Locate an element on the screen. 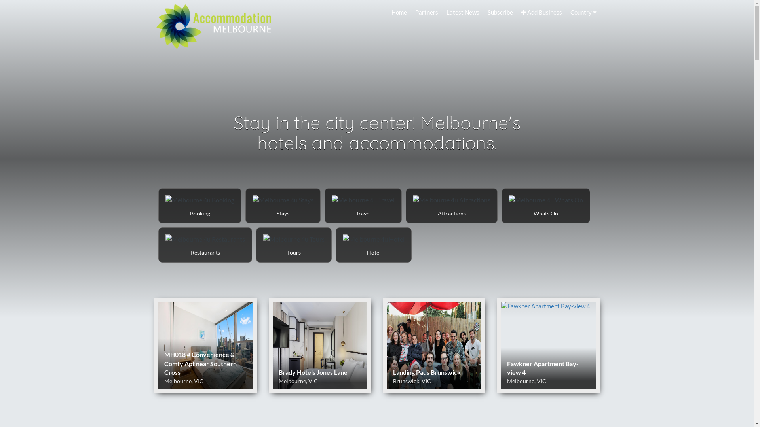  'Booking Melbourne 4u' is located at coordinates (199, 205).